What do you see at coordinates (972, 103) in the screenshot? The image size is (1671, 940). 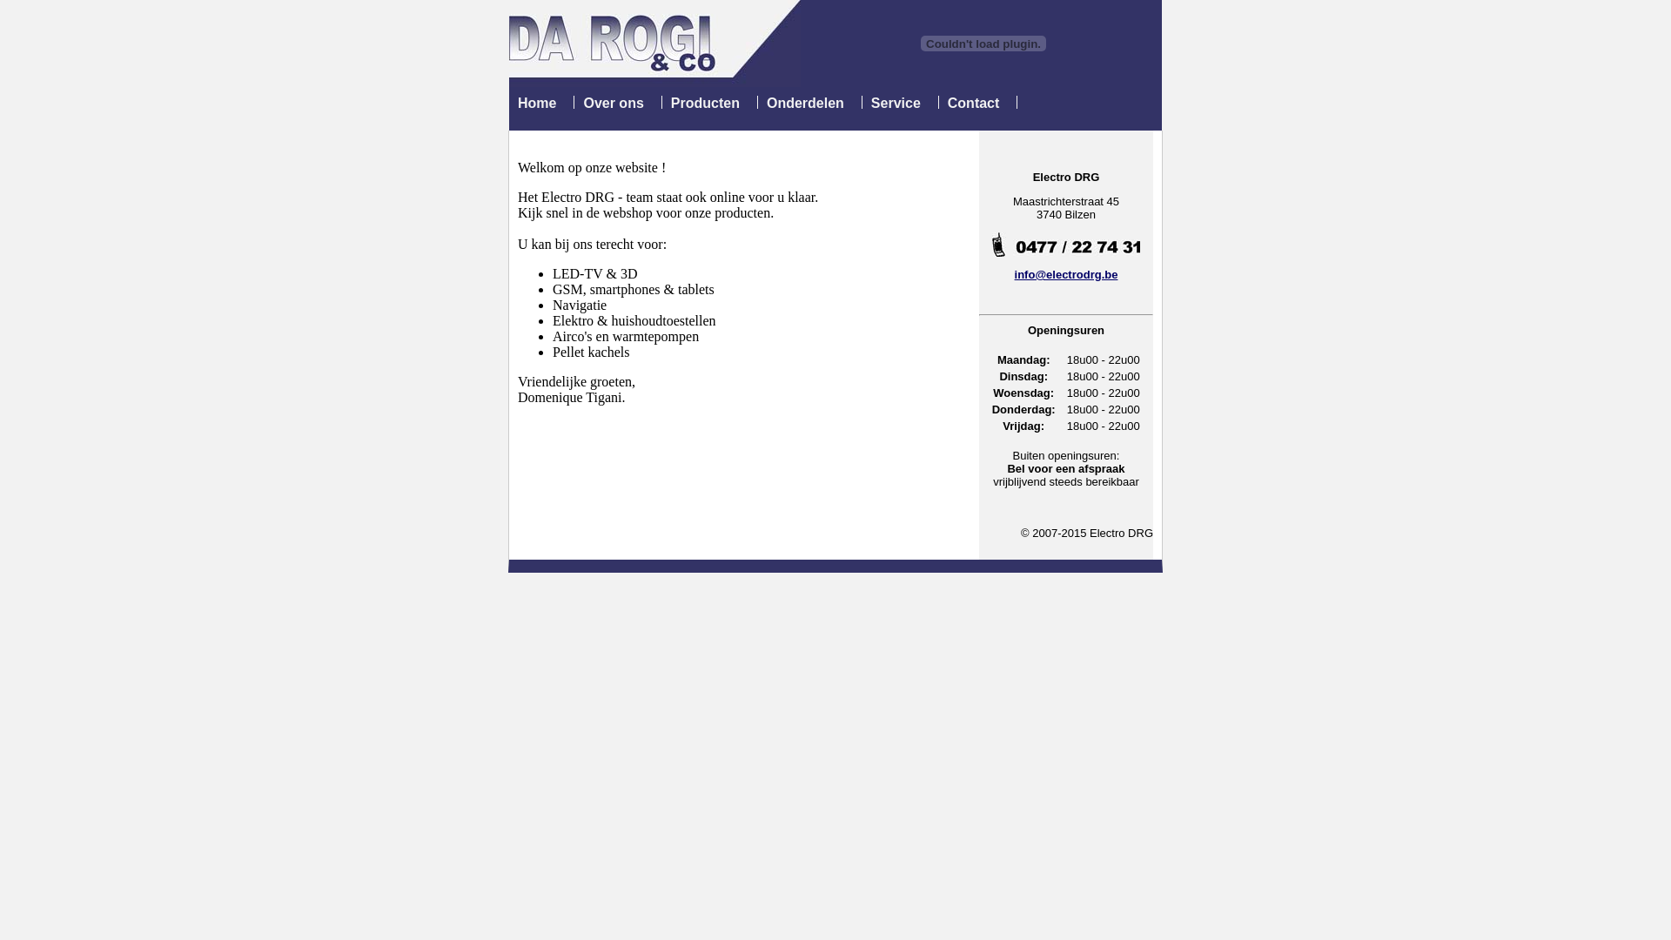 I see `'Contact'` at bounding box center [972, 103].